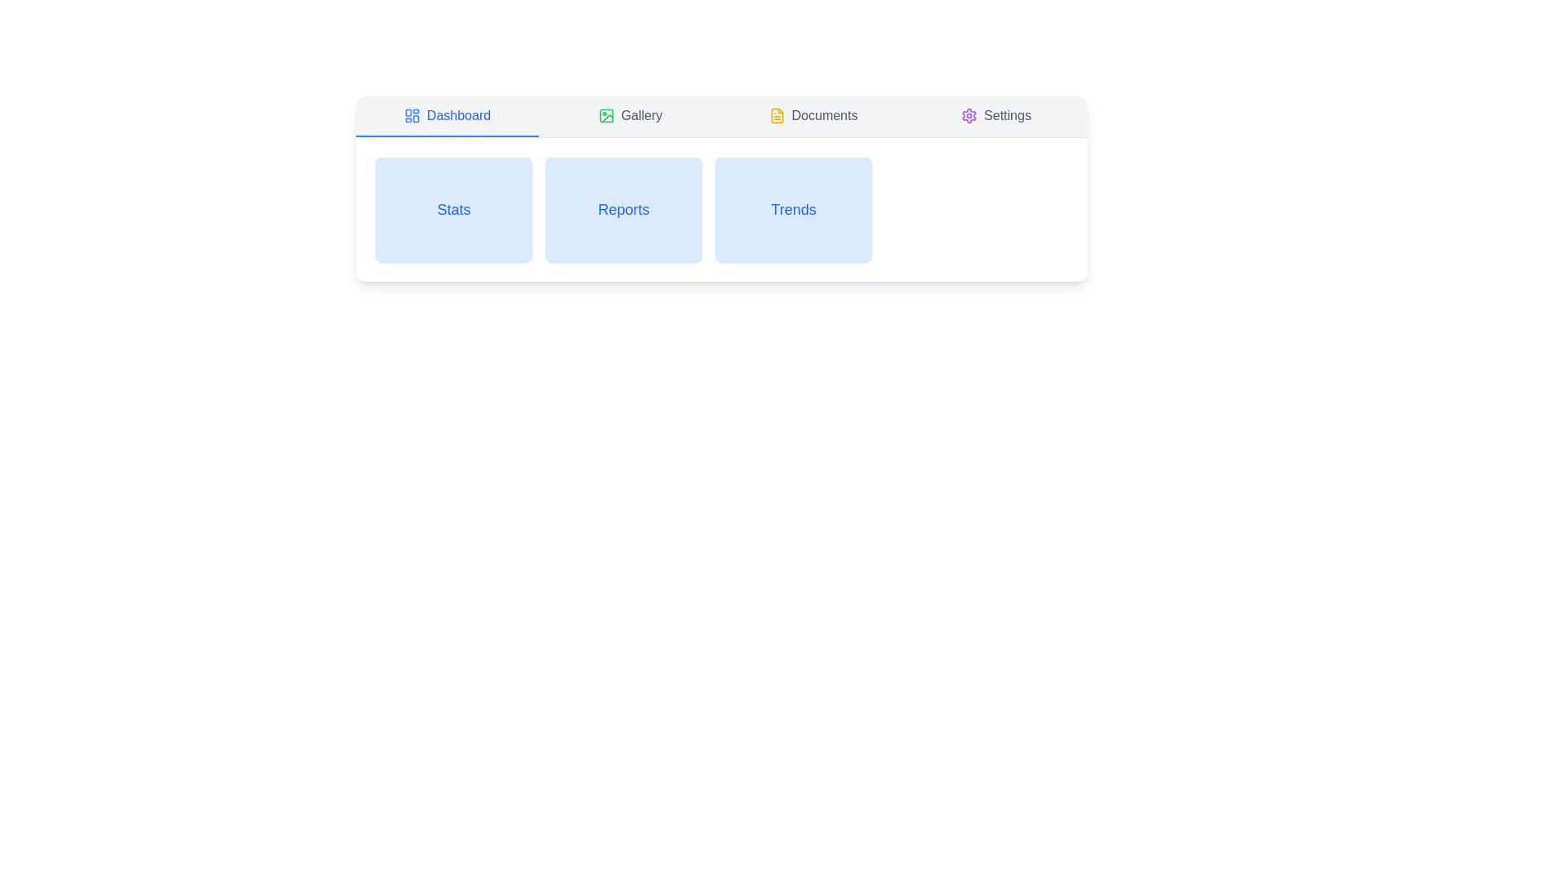 The image size is (1568, 882). I want to click on the 'Documents' tab button, which is the third tab in the tab navigation bar, so click(813, 115).